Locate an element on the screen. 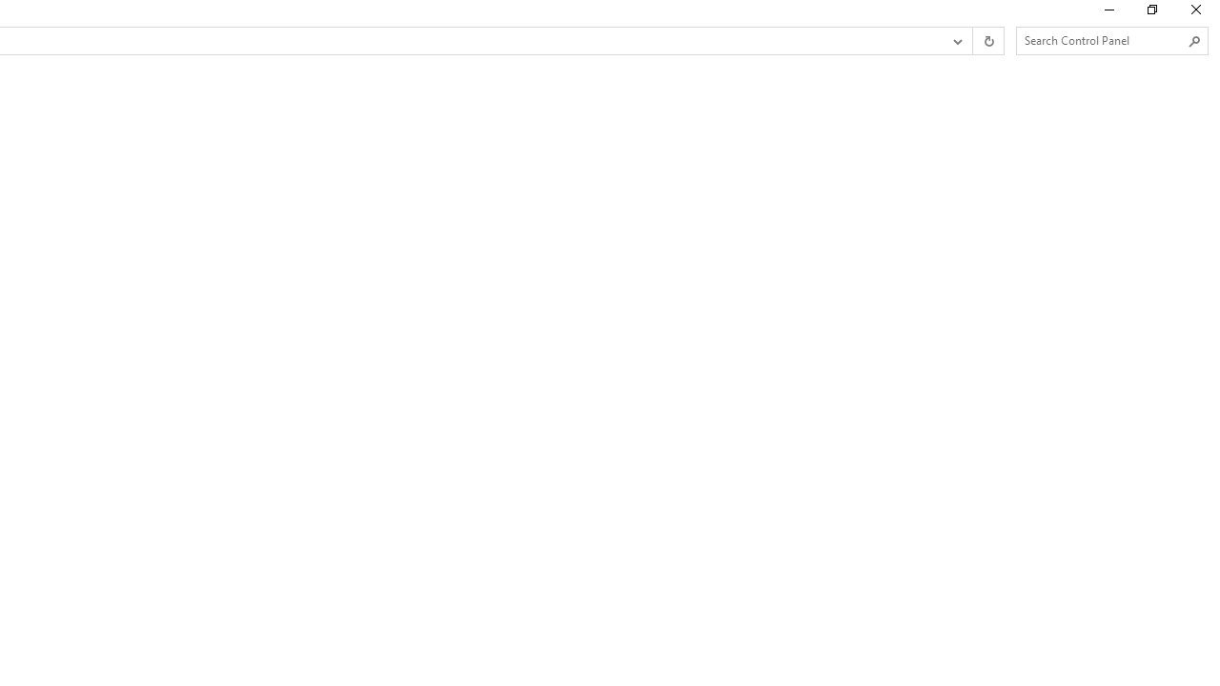 The height and width of the screenshot is (686, 1220). 'Search Box' is located at coordinates (1103, 40).